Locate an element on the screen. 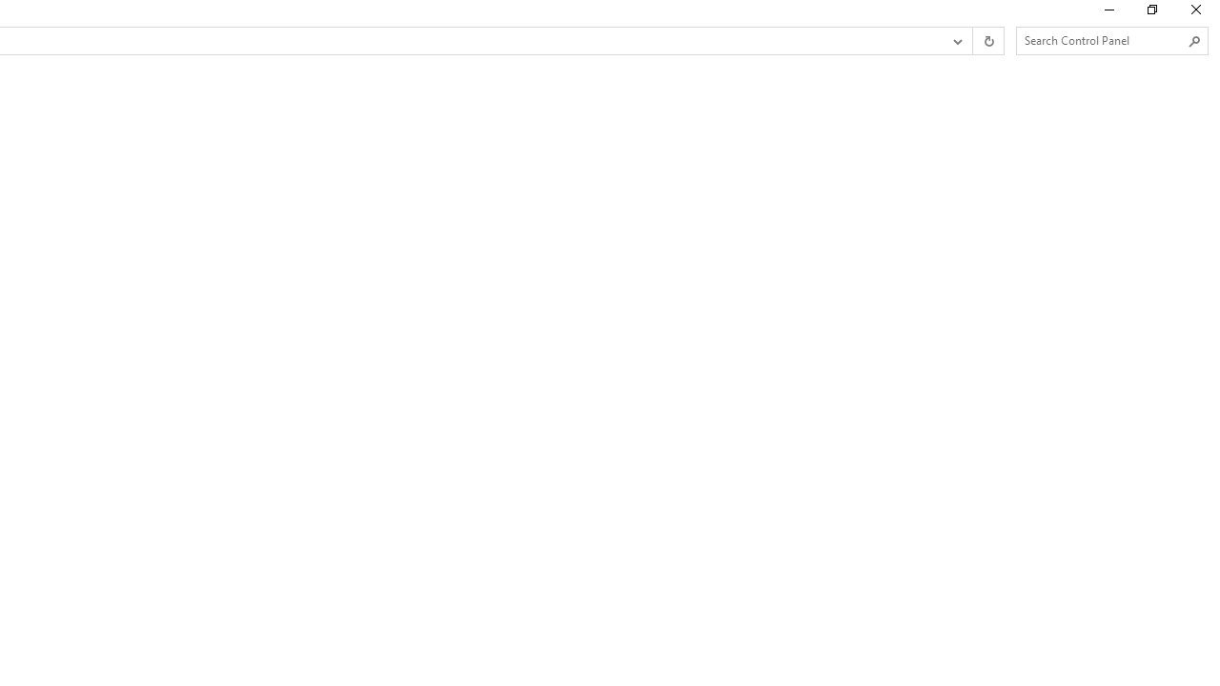 The height and width of the screenshot is (686, 1220). 'Search Box' is located at coordinates (1103, 40).